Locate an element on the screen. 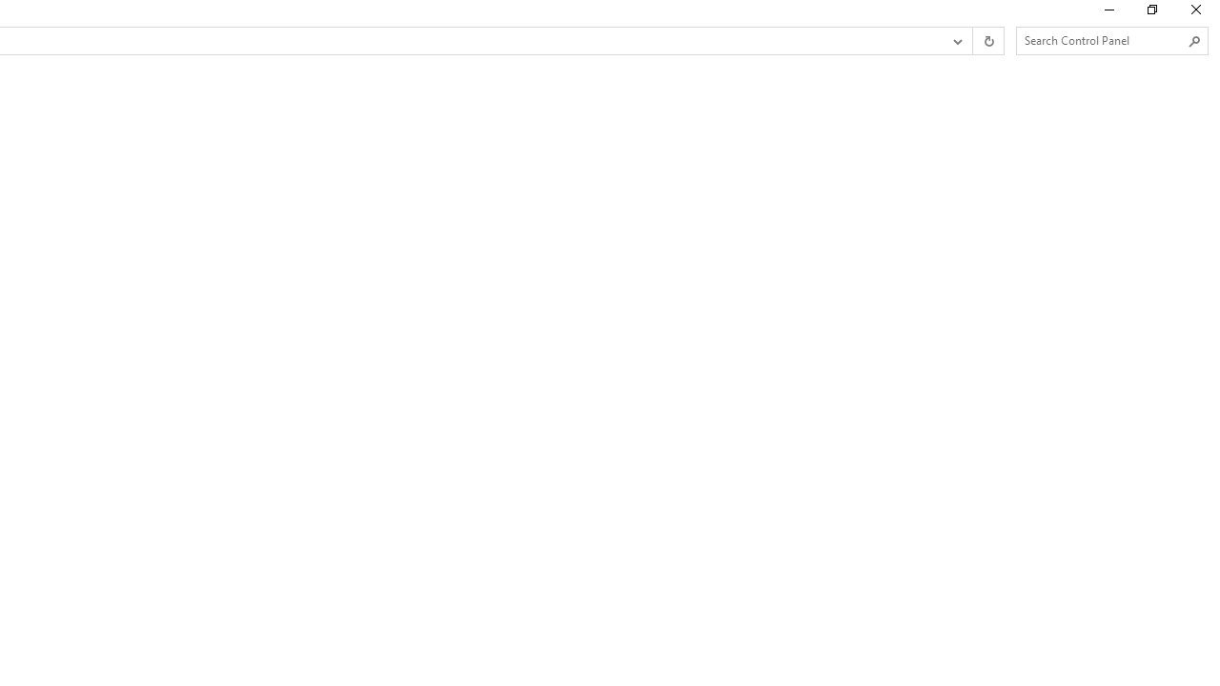 The height and width of the screenshot is (686, 1220). 'Search Box' is located at coordinates (1103, 40).